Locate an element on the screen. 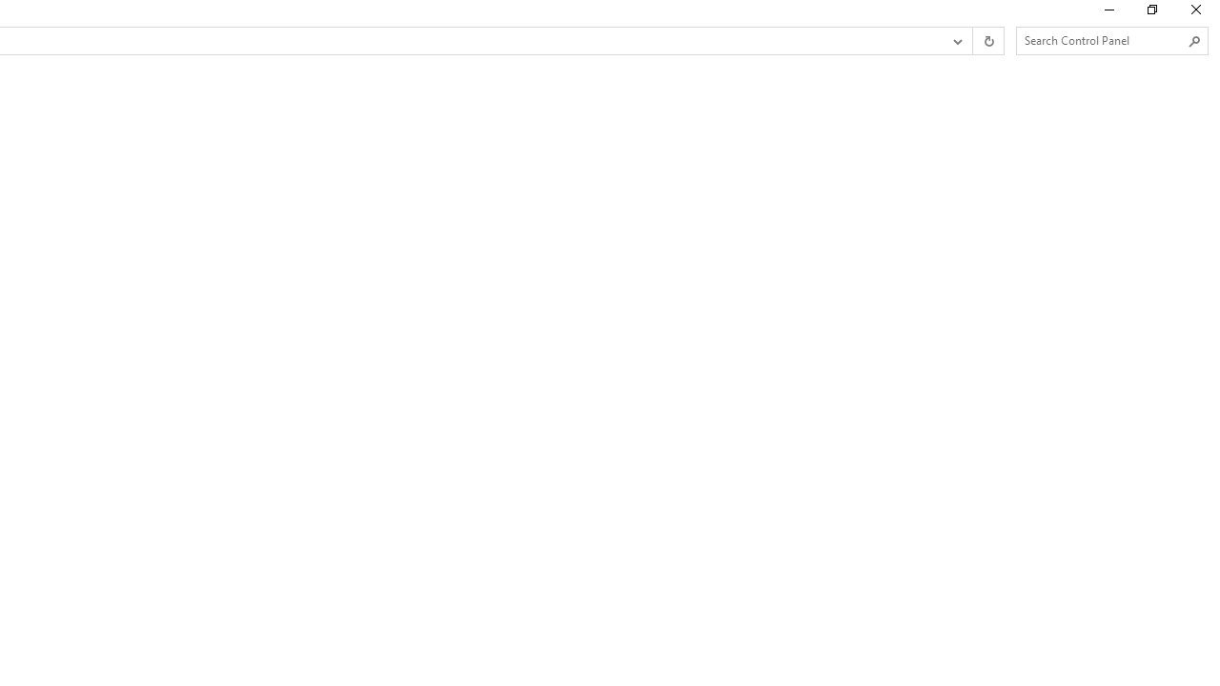 The height and width of the screenshot is (686, 1220). 'Search Box' is located at coordinates (1103, 40).